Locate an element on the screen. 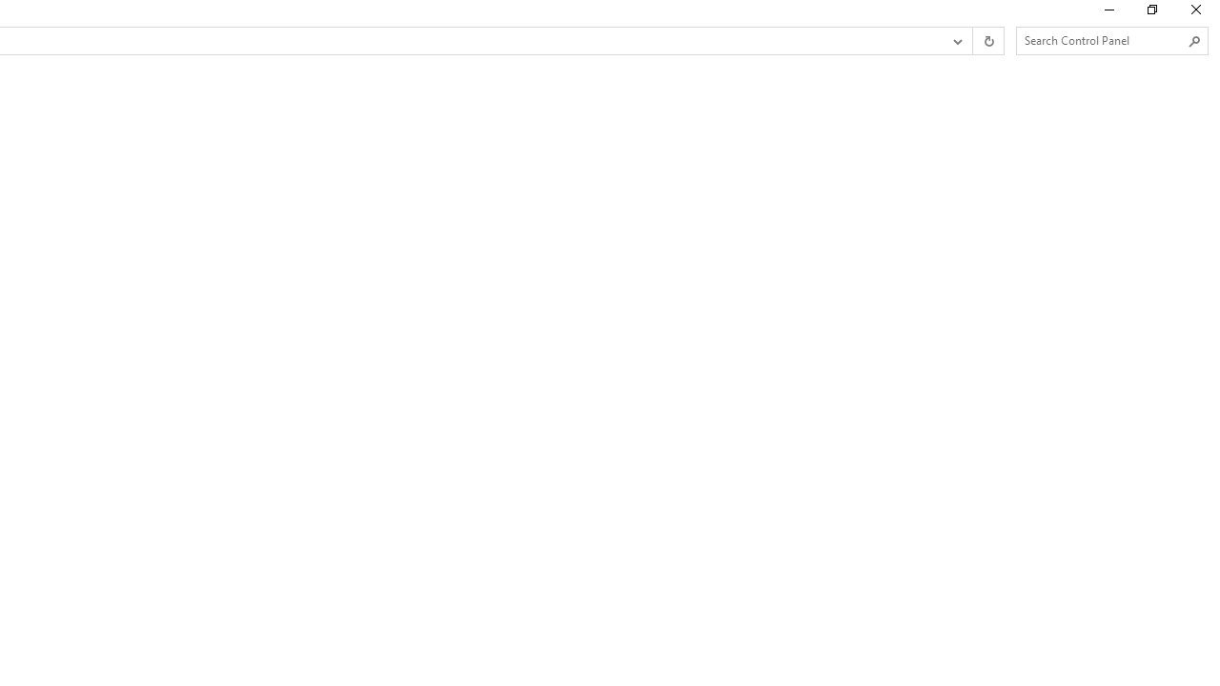 The height and width of the screenshot is (686, 1220). 'Search Box' is located at coordinates (1103, 40).